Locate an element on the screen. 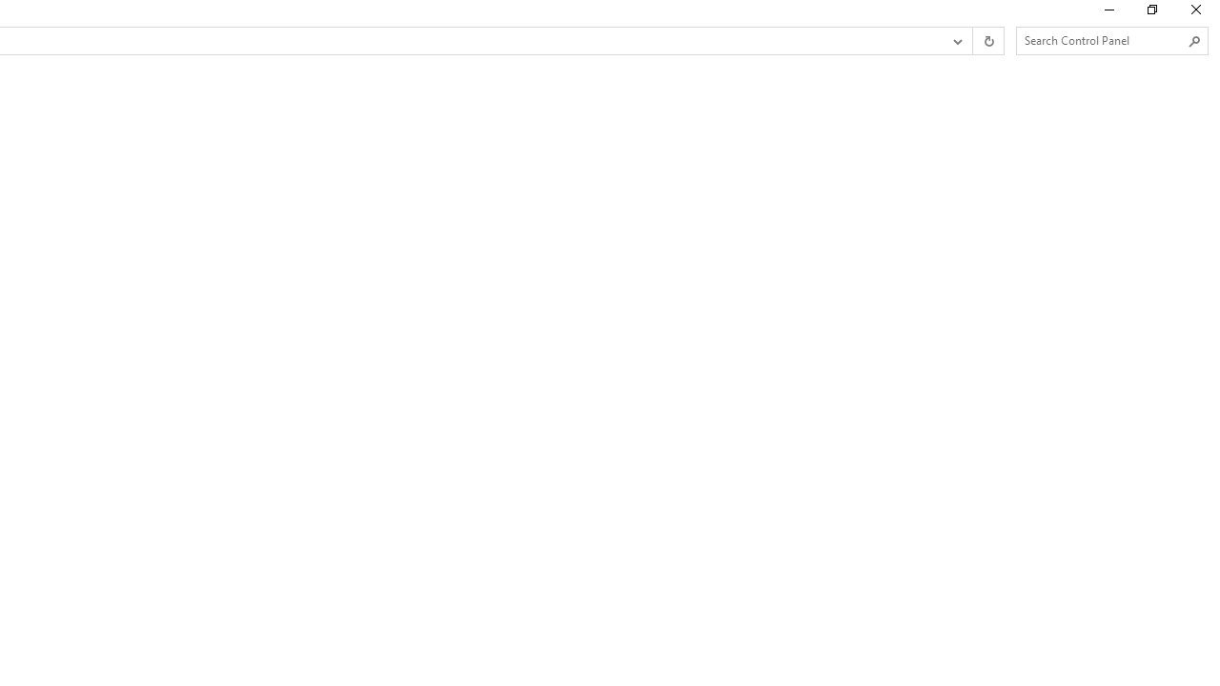 The height and width of the screenshot is (686, 1220). 'Search Box' is located at coordinates (1103, 40).